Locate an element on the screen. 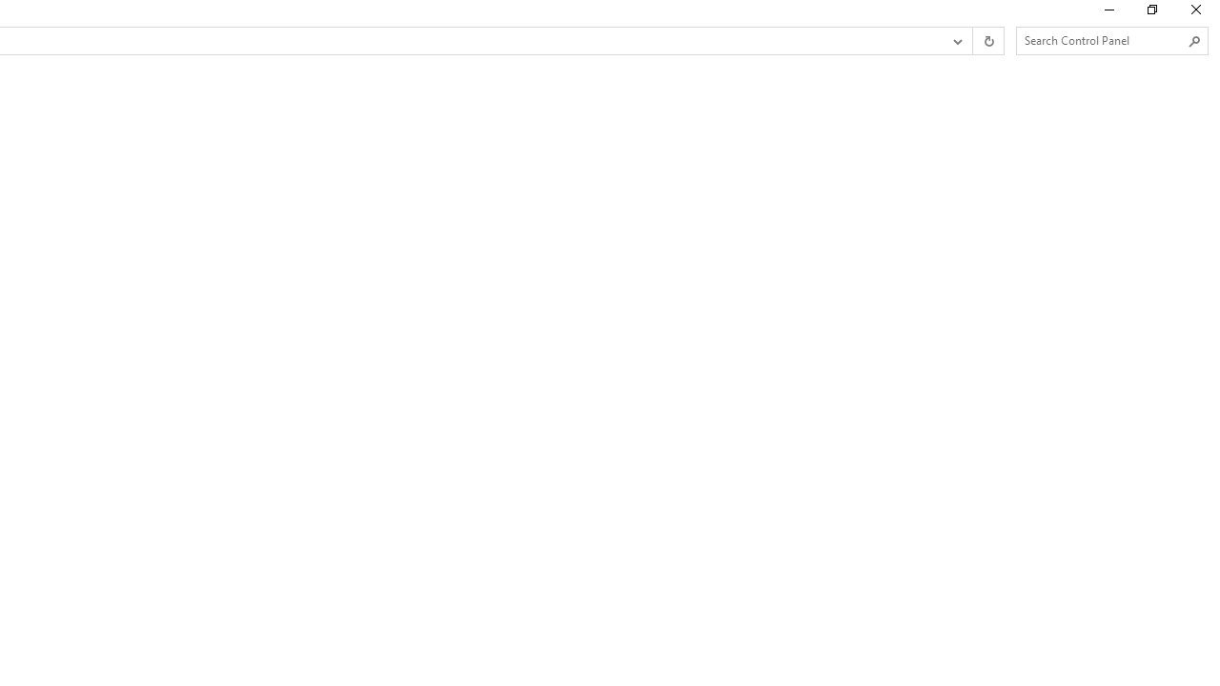 The height and width of the screenshot is (686, 1220). 'Search Box' is located at coordinates (1103, 40).